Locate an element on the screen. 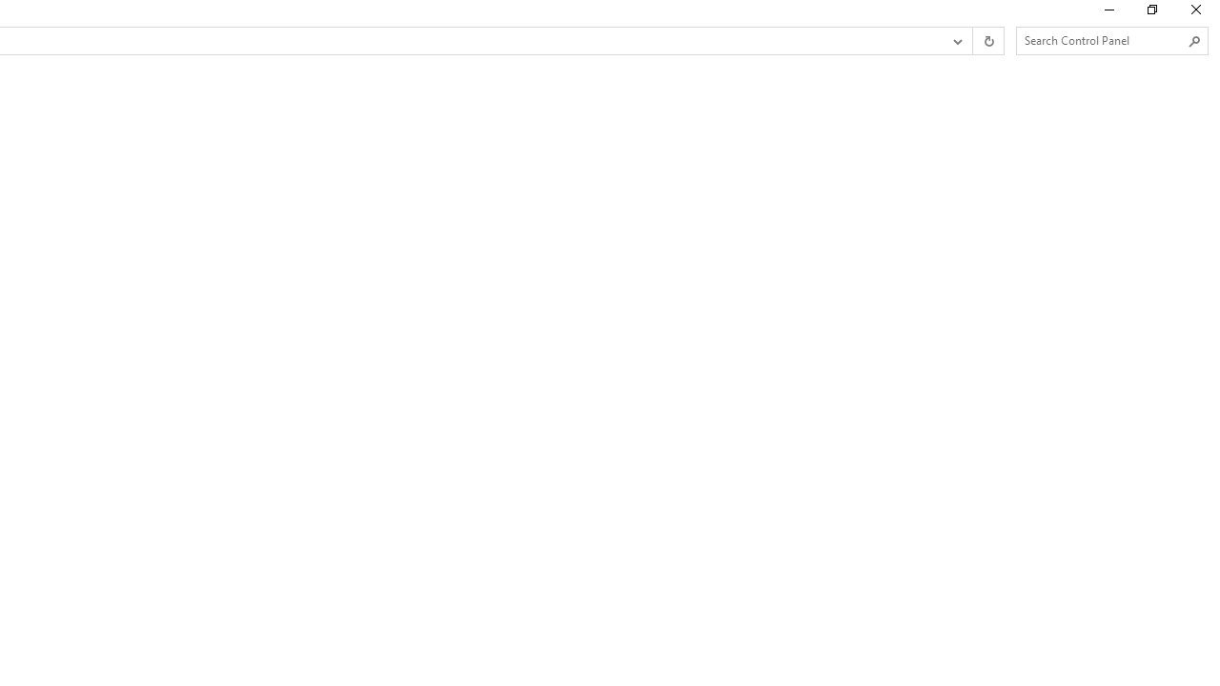 The height and width of the screenshot is (686, 1220). 'Search Box' is located at coordinates (1103, 40).